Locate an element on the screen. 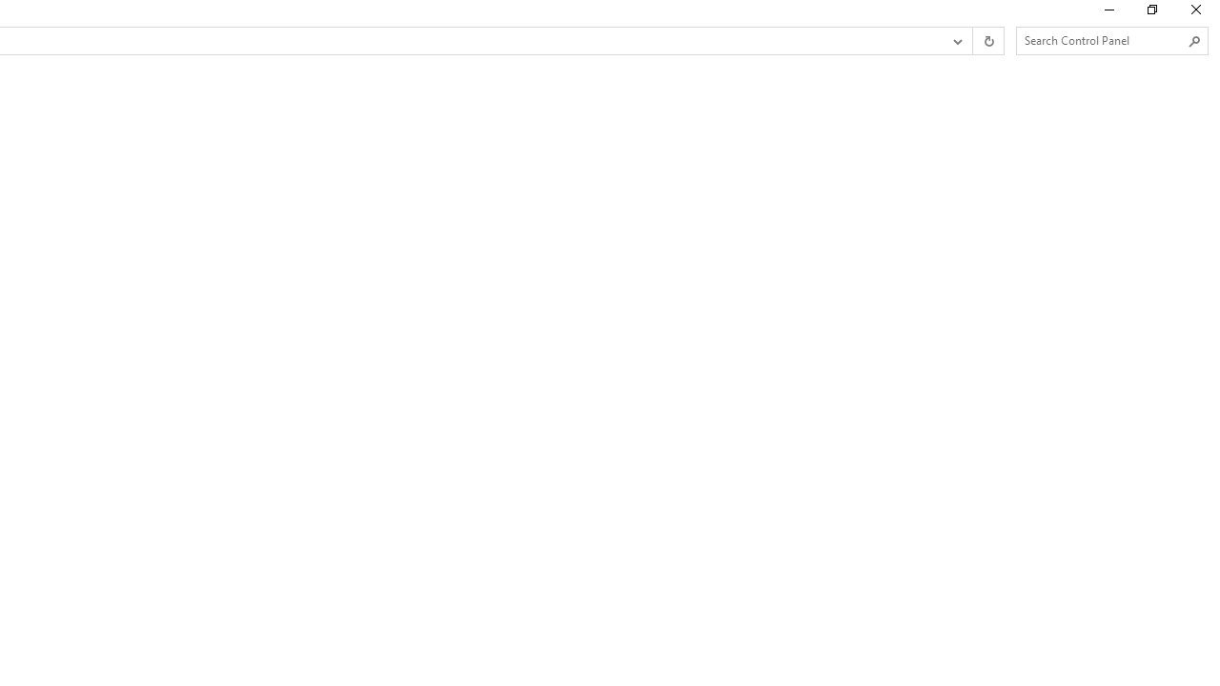 The height and width of the screenshot is (686, 1220). 'Search Box' is located at coordinates (1103, 40).